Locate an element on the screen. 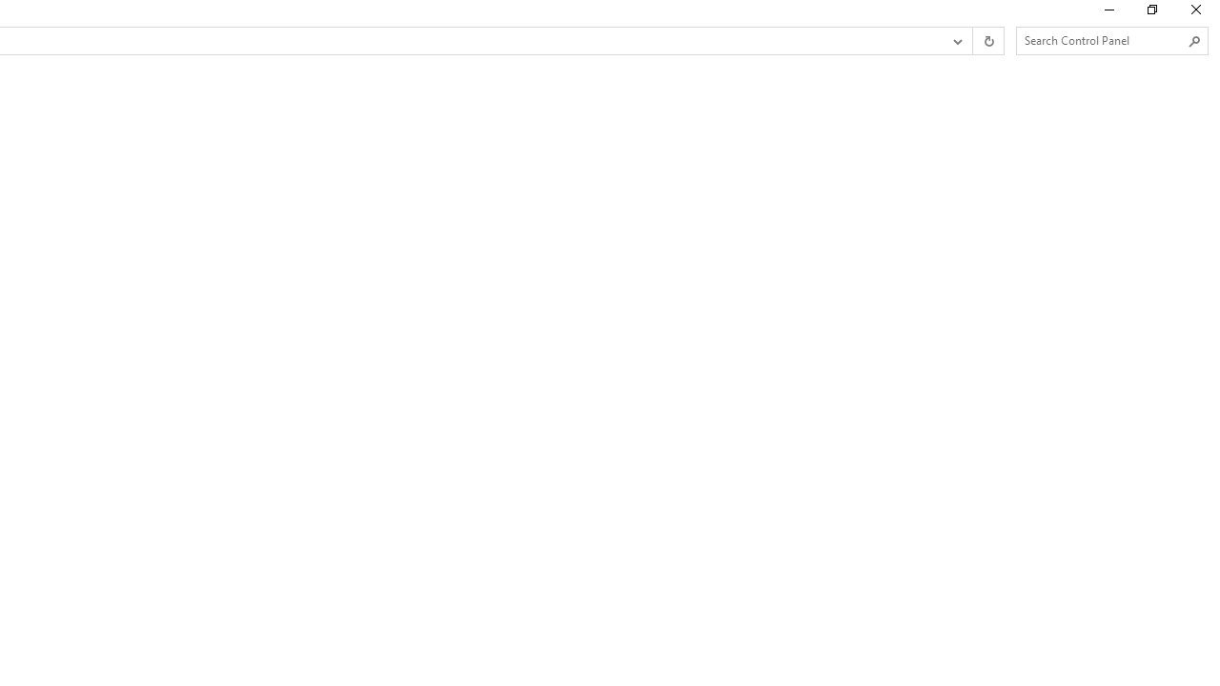 The height and width of the screenshot is (686, 1220). 'Search Box' is located at coordinates (1103, 40).